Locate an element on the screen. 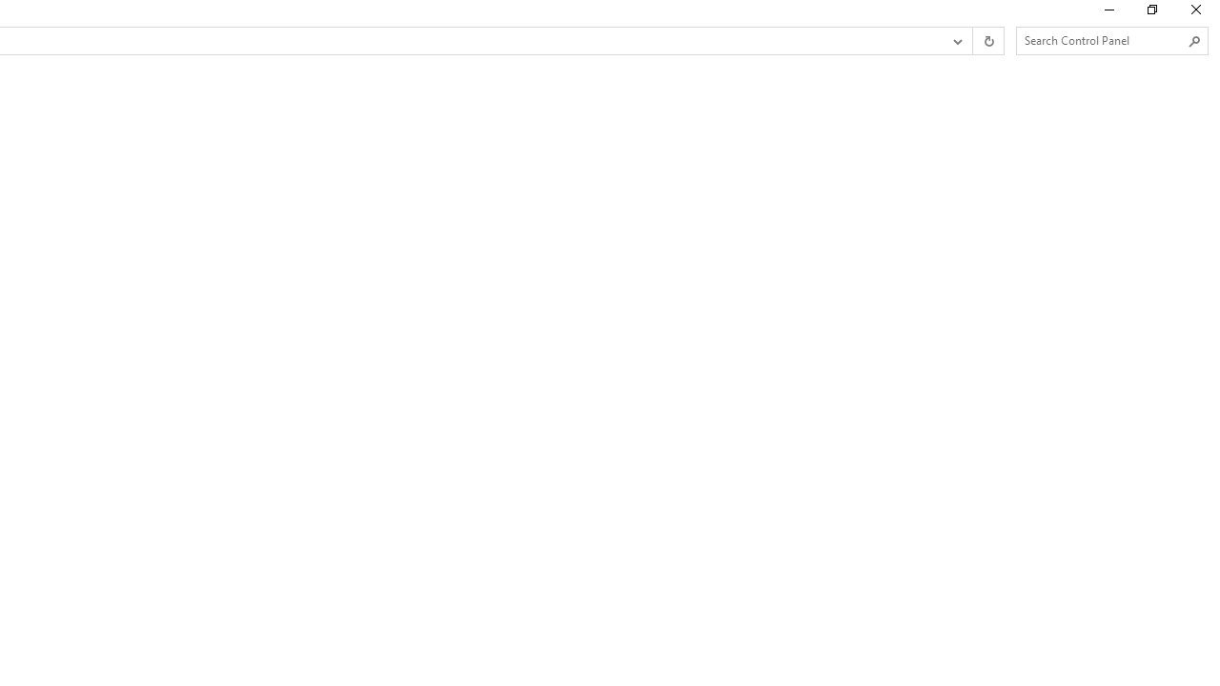 The height and width of the screenshot is (686, 1220). 'Search Box' is located at coordinates (1103, 40).